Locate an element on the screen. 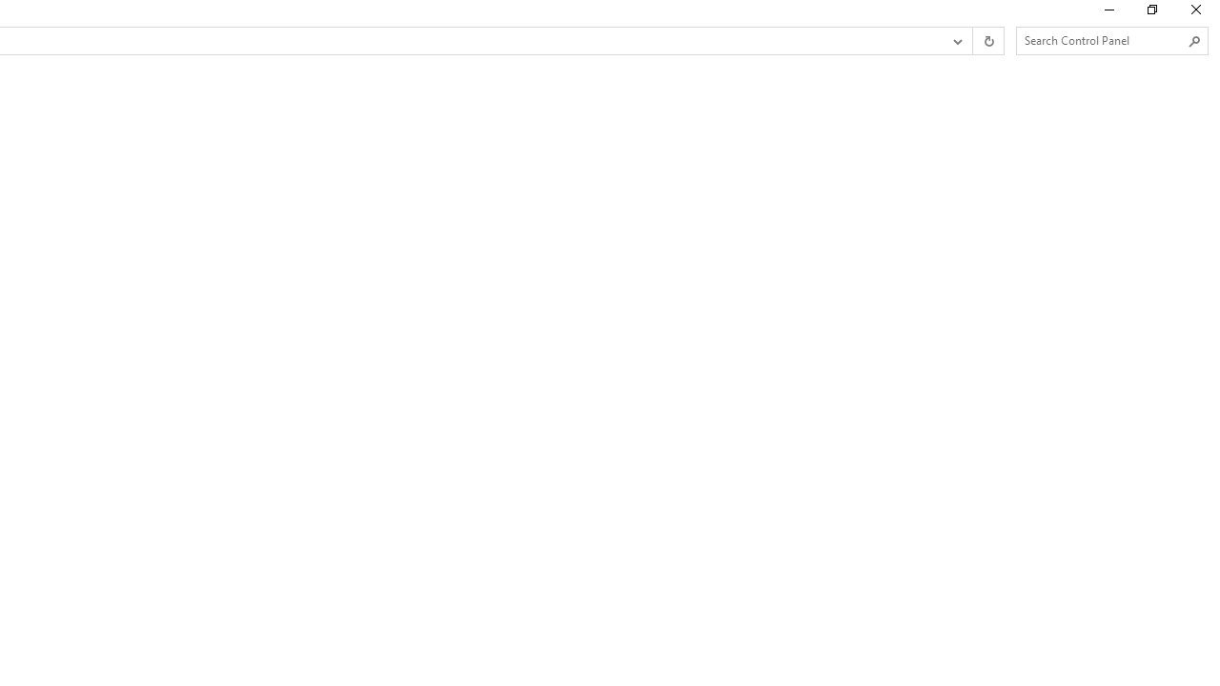 The height and width of the screenshot is (686, 1220). 'Search Box' is located at coordinates (1103, 40).